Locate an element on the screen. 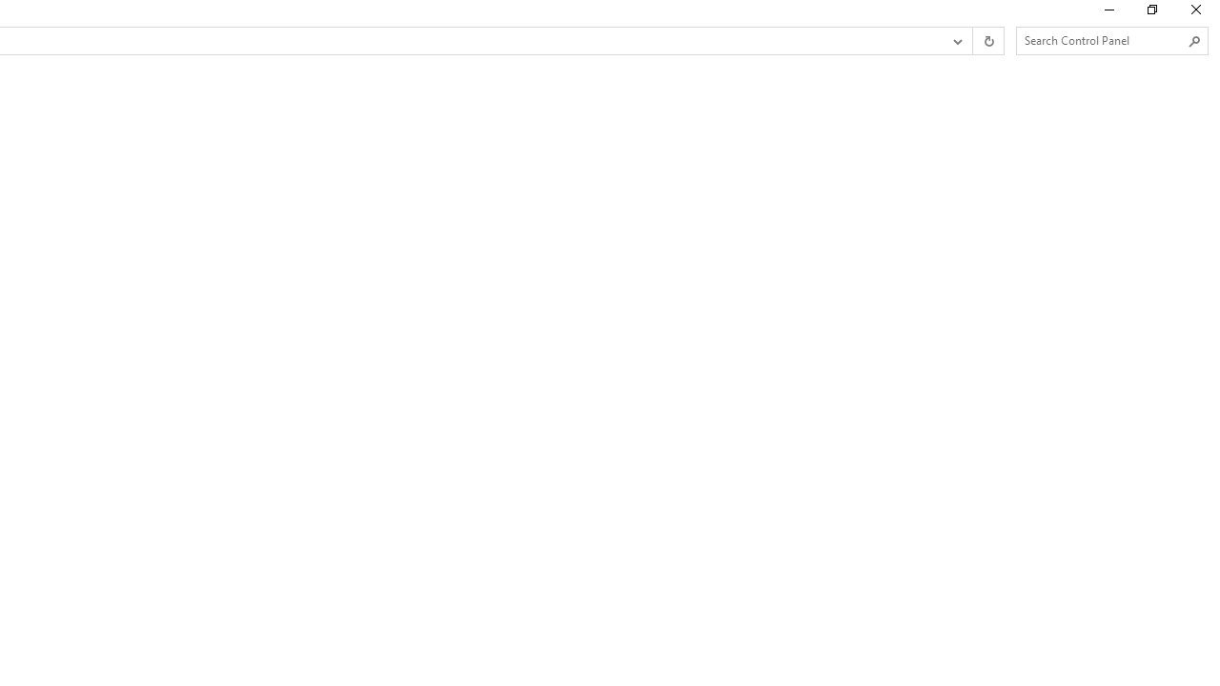 The height and width of the screenshot is (686, 1220). 'Search Box' is located at coordinates (1103, 40).